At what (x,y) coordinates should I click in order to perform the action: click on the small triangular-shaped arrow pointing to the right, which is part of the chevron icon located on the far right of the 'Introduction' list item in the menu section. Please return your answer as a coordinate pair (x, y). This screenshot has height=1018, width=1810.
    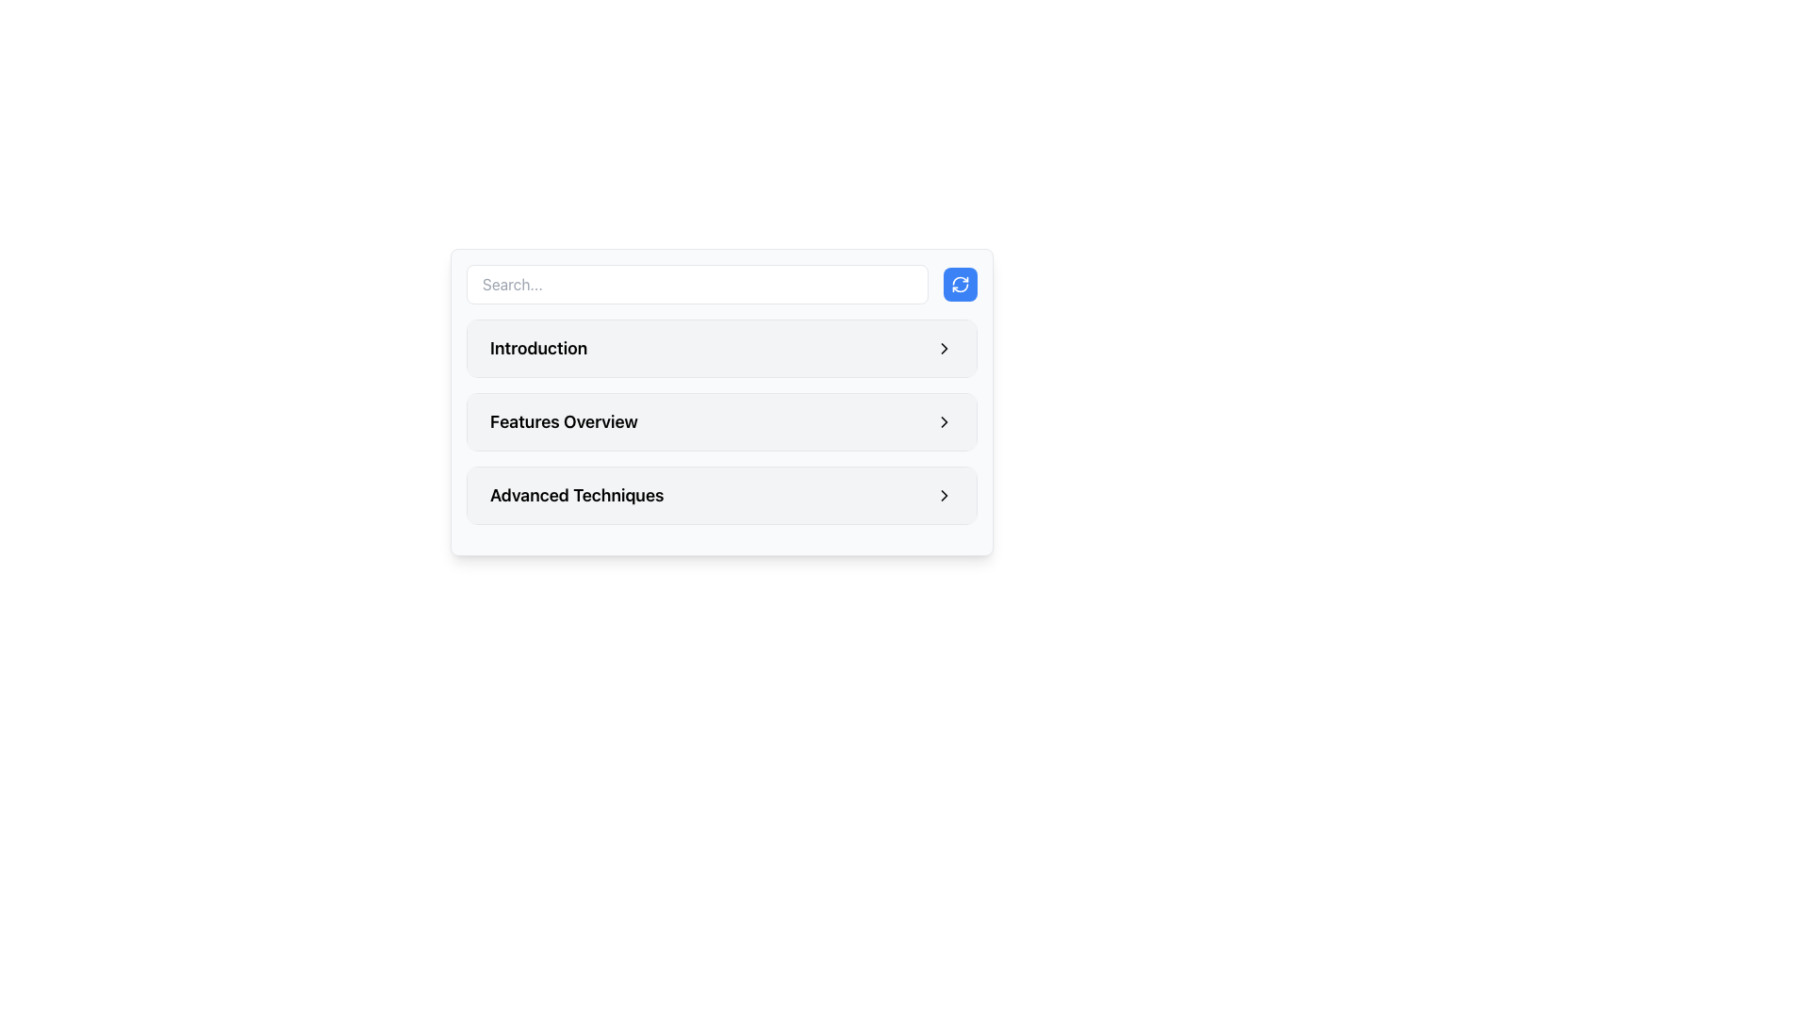
    Looking at the image, I should click on (945, 349).